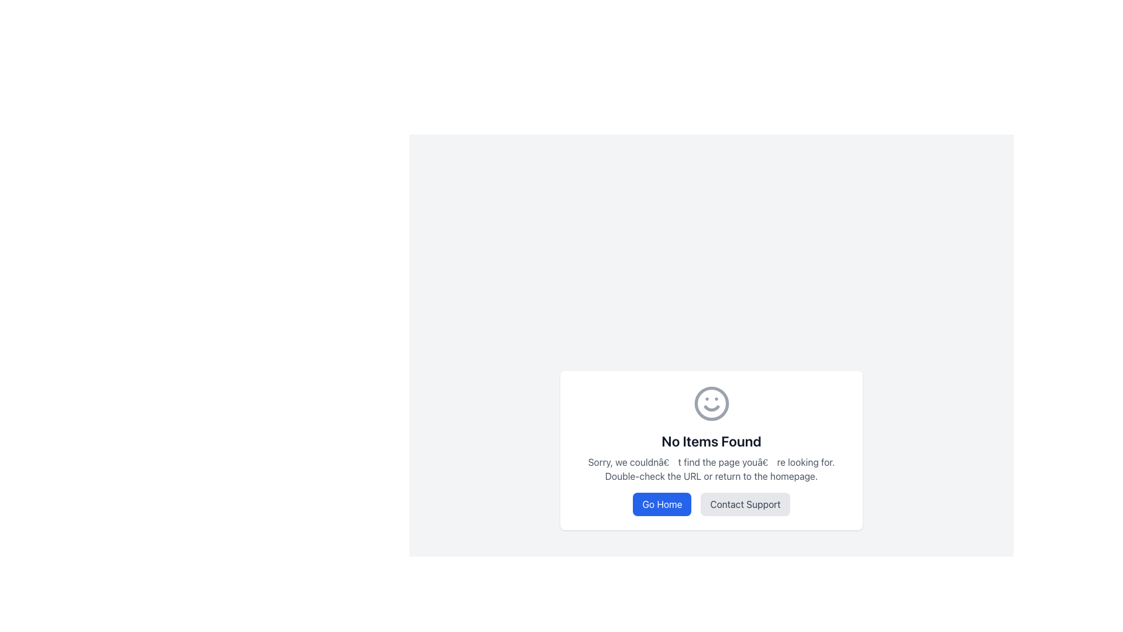 The width and height of the screenshot is (1123, 632). Describe the element at coordinates (745, 503) in the screenshot. I see `the 'Contact Support' button located at the bottom of the dialog box, to the right of the 'Go Home' button` at that location.